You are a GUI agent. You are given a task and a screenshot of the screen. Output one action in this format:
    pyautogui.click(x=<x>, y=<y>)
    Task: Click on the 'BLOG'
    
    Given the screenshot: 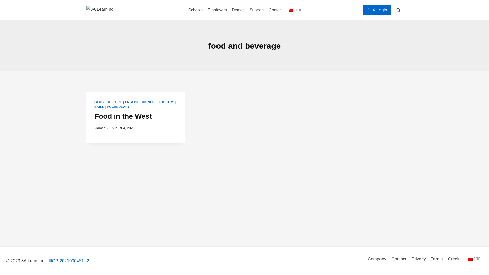 What is the action you would take?
    pyautogui.click(x=99, y=102)
    